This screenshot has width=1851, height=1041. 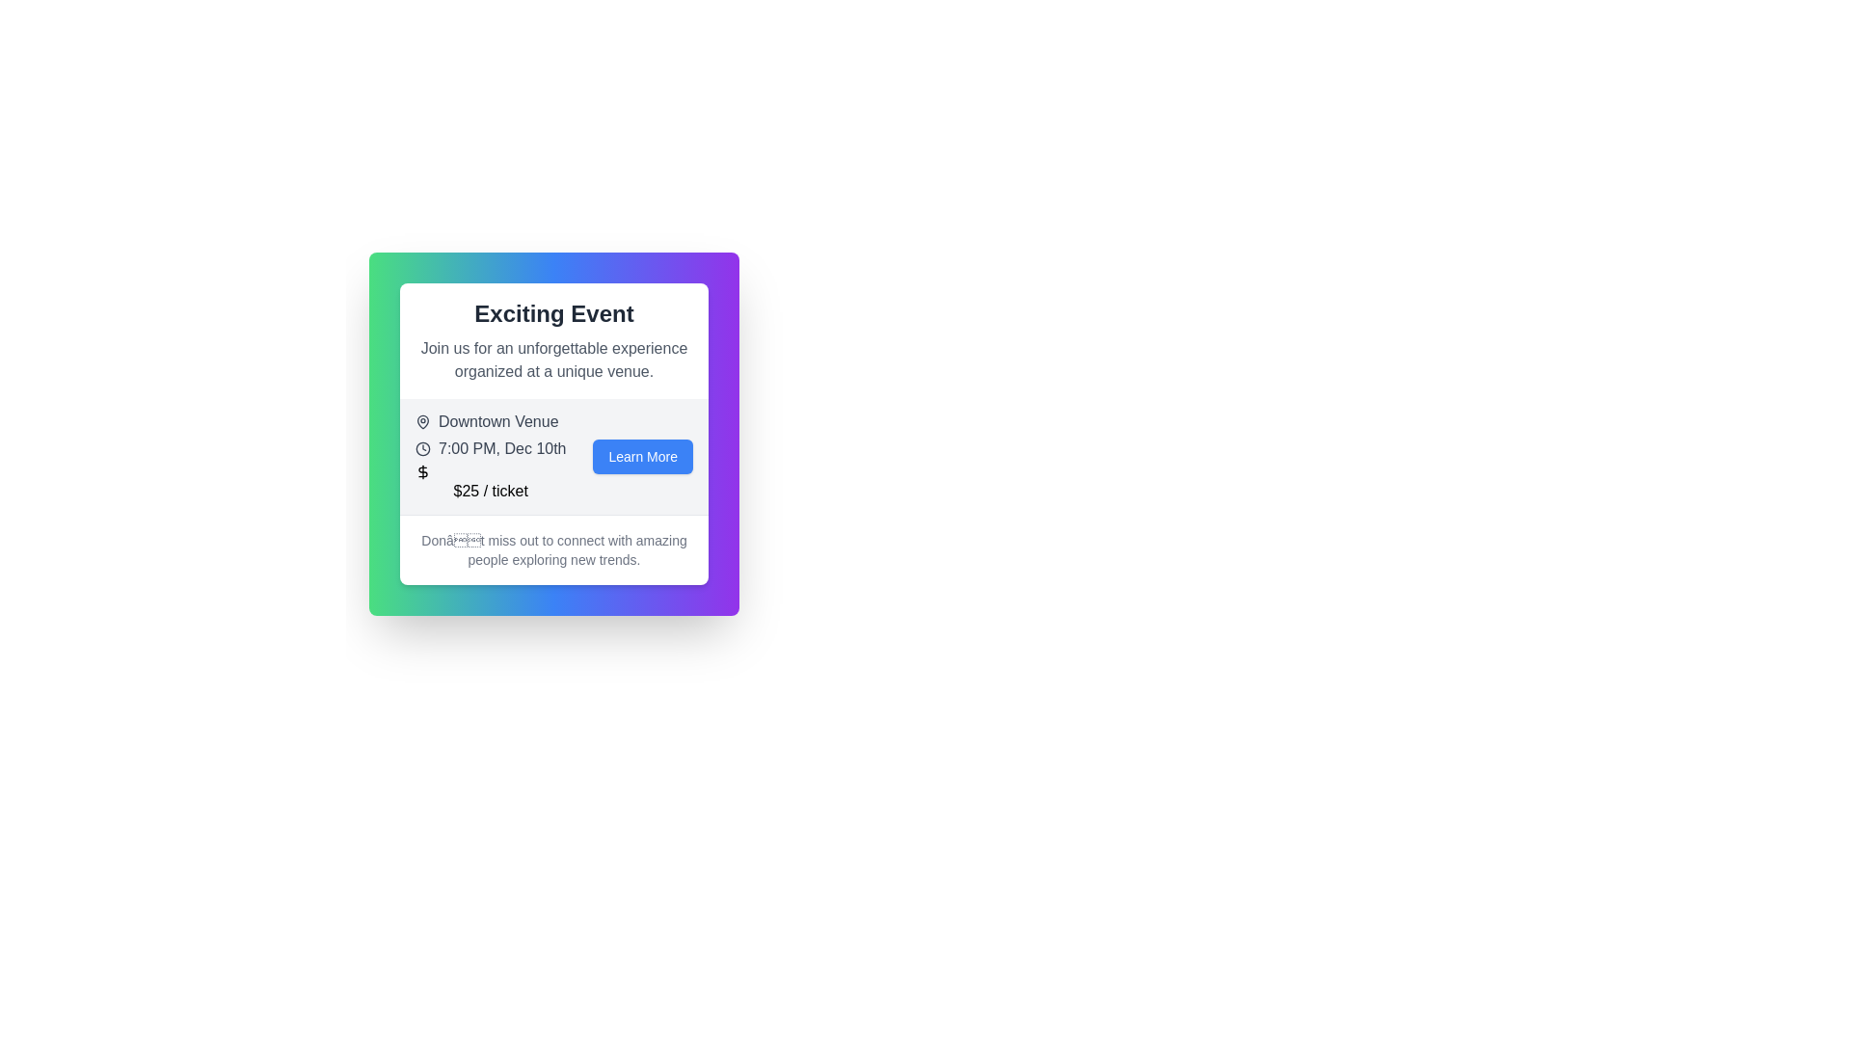 I want to click on the Text Block at the top section of the central card that introduces the event and conveys the primary message, so click(x=553, y=340).